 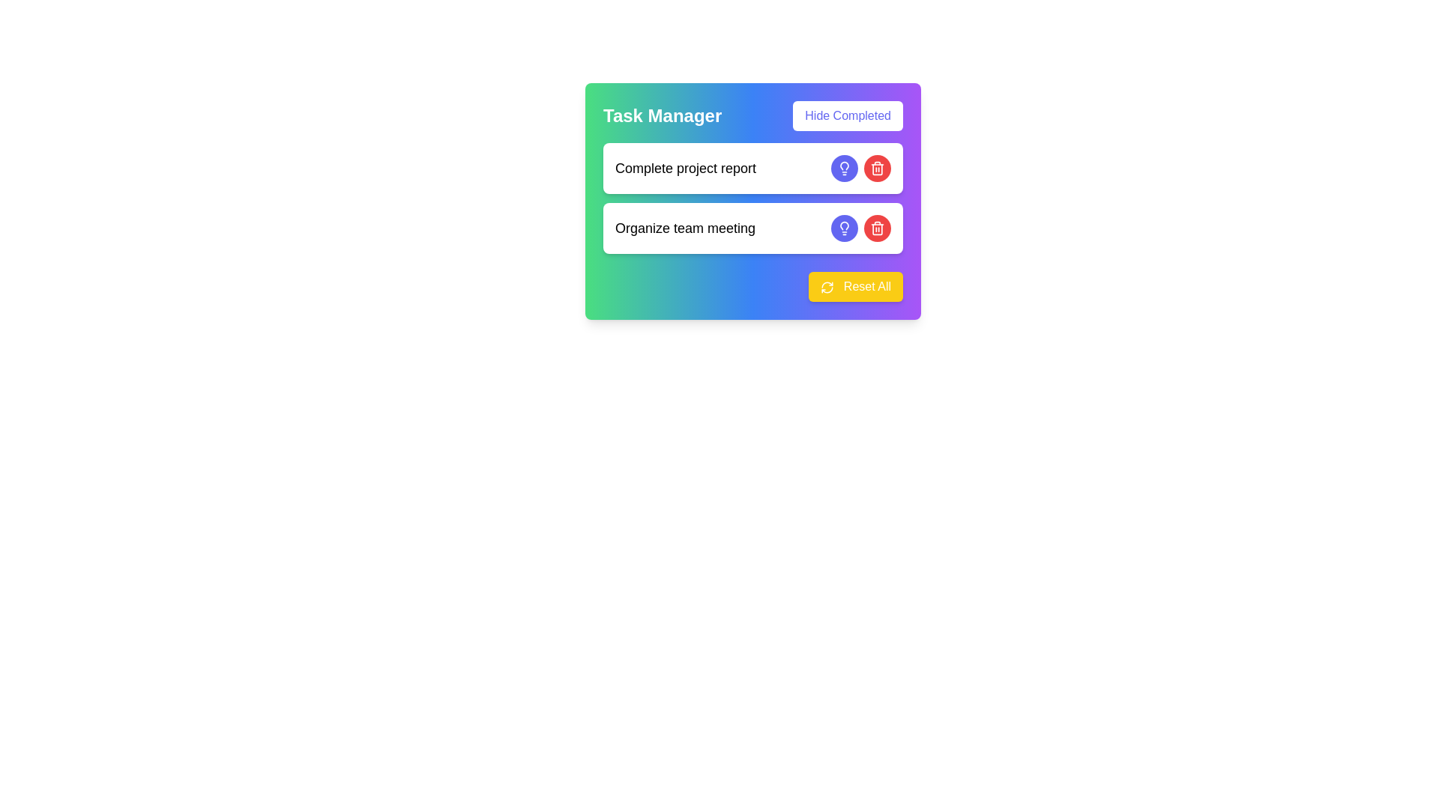 I want to click on the circular button with a violet background and a white lightbulb icon, located in the second row of options, so click(x=845, y=228).